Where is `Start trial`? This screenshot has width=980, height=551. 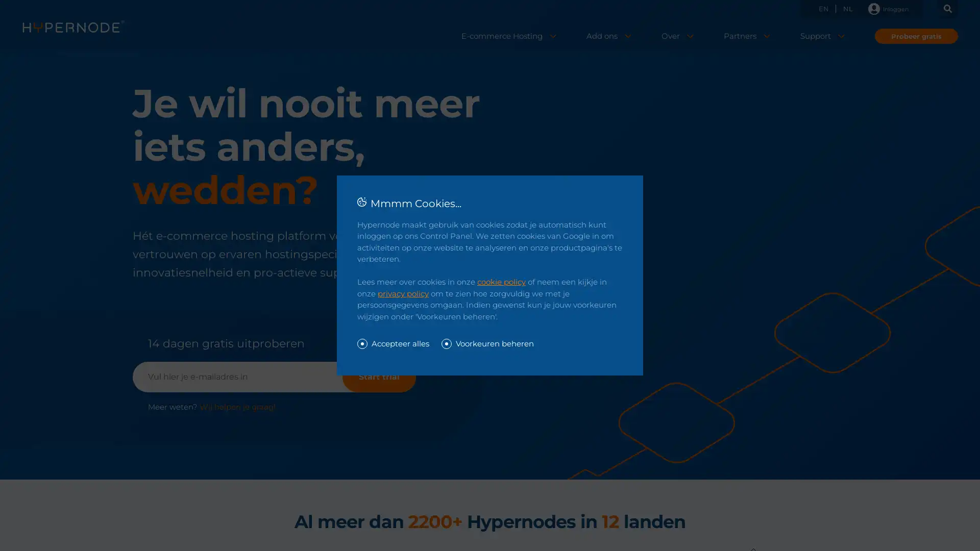 Start trial is located at coordinates (379, 377).